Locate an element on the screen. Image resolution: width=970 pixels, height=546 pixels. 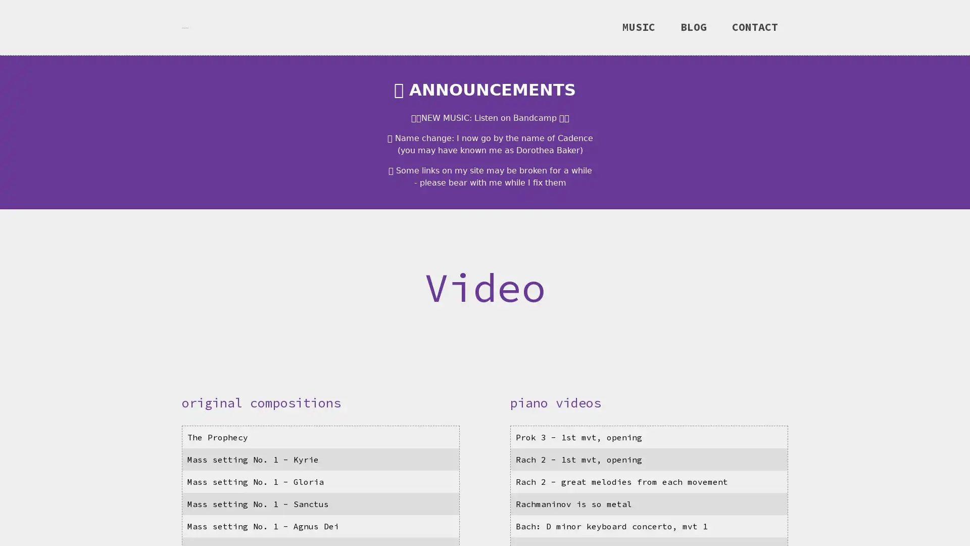
video: Mass setting No. 1 - Kyrie is located at coordinates (320, 459).